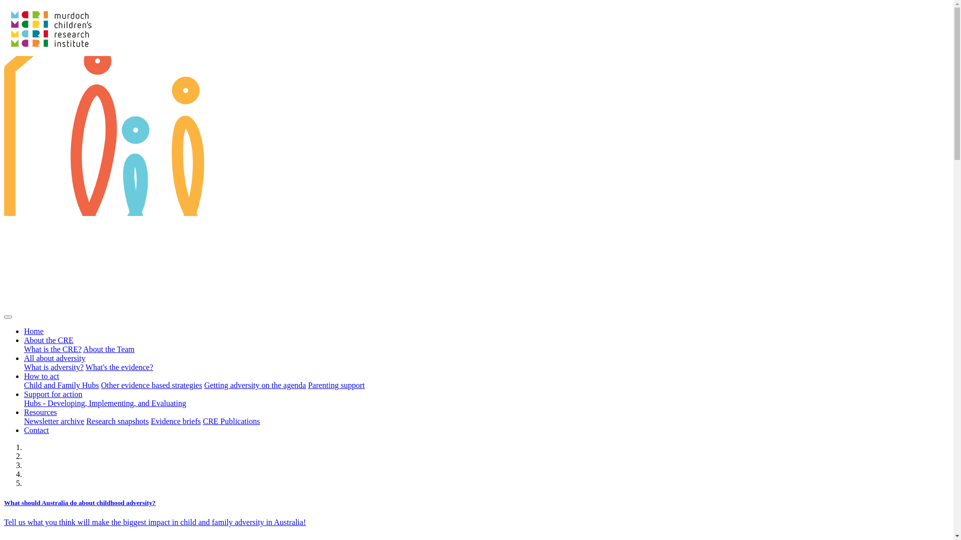 The image size is (961, 540). Describe the element at coordinates (36, 429) in the screenshot. I see `'Contact'` at that location.